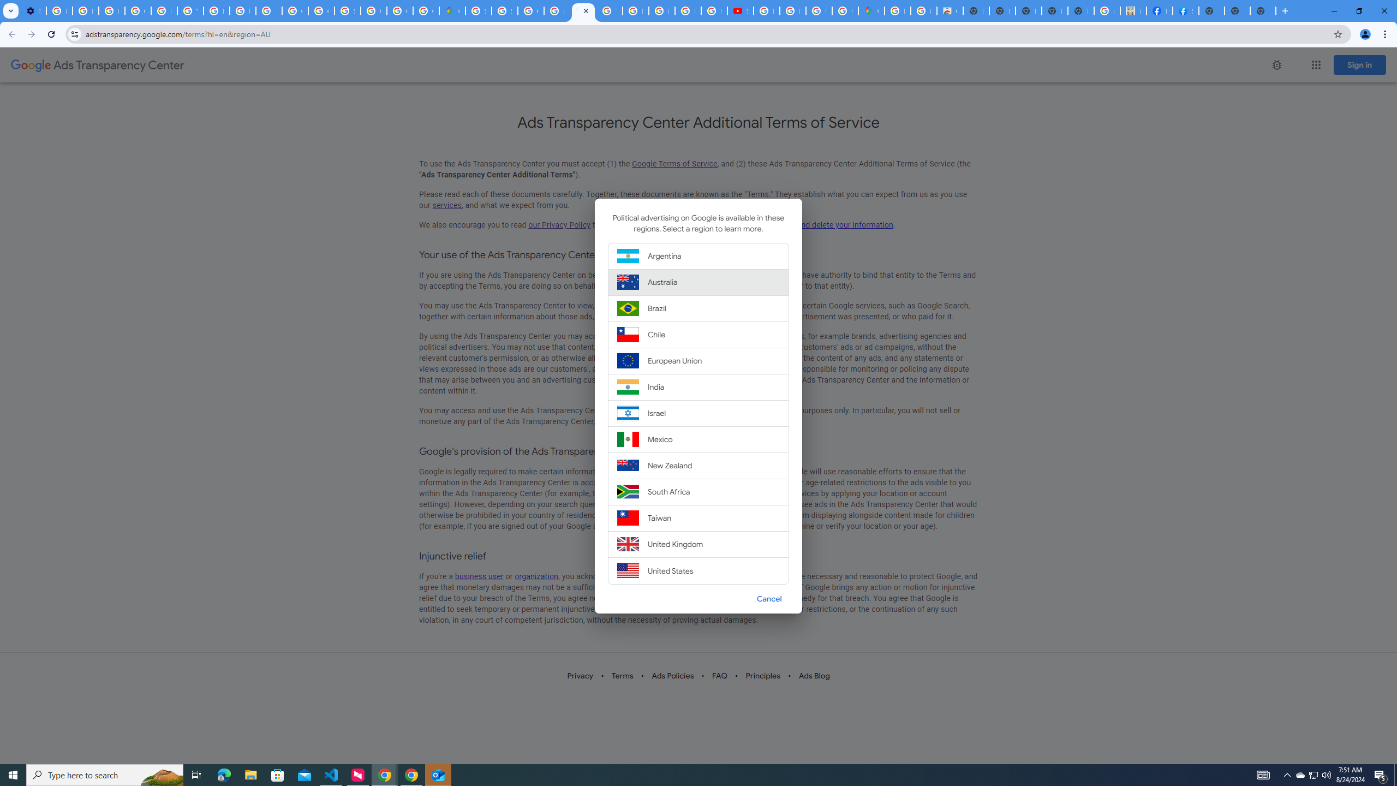 Image resolution: width=1397 pixels, height=786 pixels. What do you see at coordinates (801, 224) in the screenshot?
I see `'update, manage, export, and delete your information'` at bounding box center [801, 224].